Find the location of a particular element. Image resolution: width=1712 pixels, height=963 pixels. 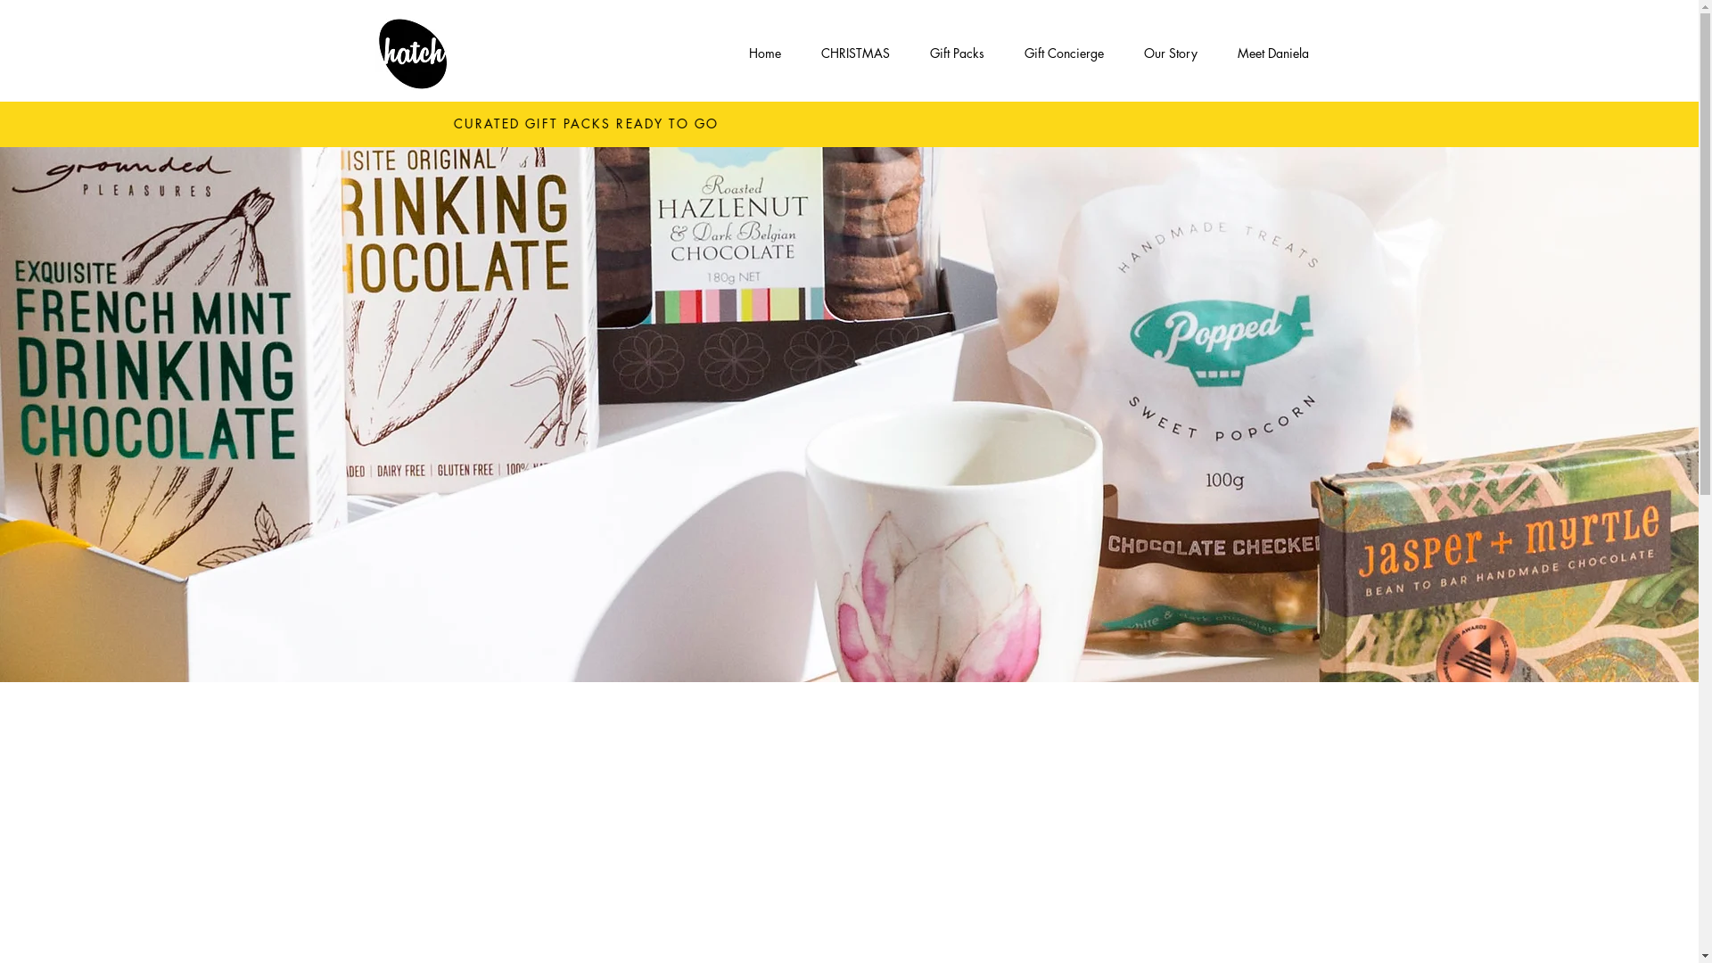

'Gift Packs' is located at coordinates (956, 53).